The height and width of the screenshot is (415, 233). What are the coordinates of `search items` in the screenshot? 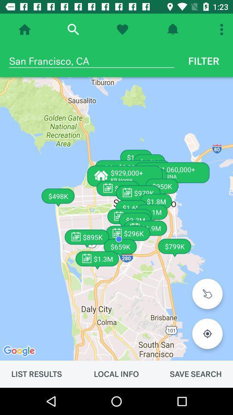 It's located at (72, 29).